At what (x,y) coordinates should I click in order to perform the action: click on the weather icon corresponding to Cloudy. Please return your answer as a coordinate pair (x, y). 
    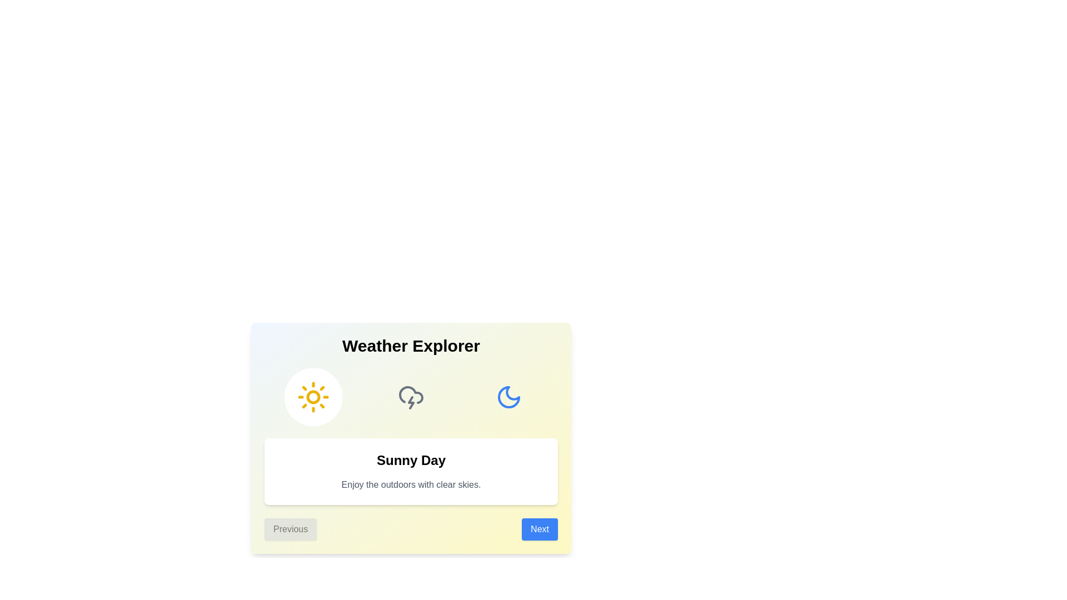
    Looking at the image, I should click on (410, 396).